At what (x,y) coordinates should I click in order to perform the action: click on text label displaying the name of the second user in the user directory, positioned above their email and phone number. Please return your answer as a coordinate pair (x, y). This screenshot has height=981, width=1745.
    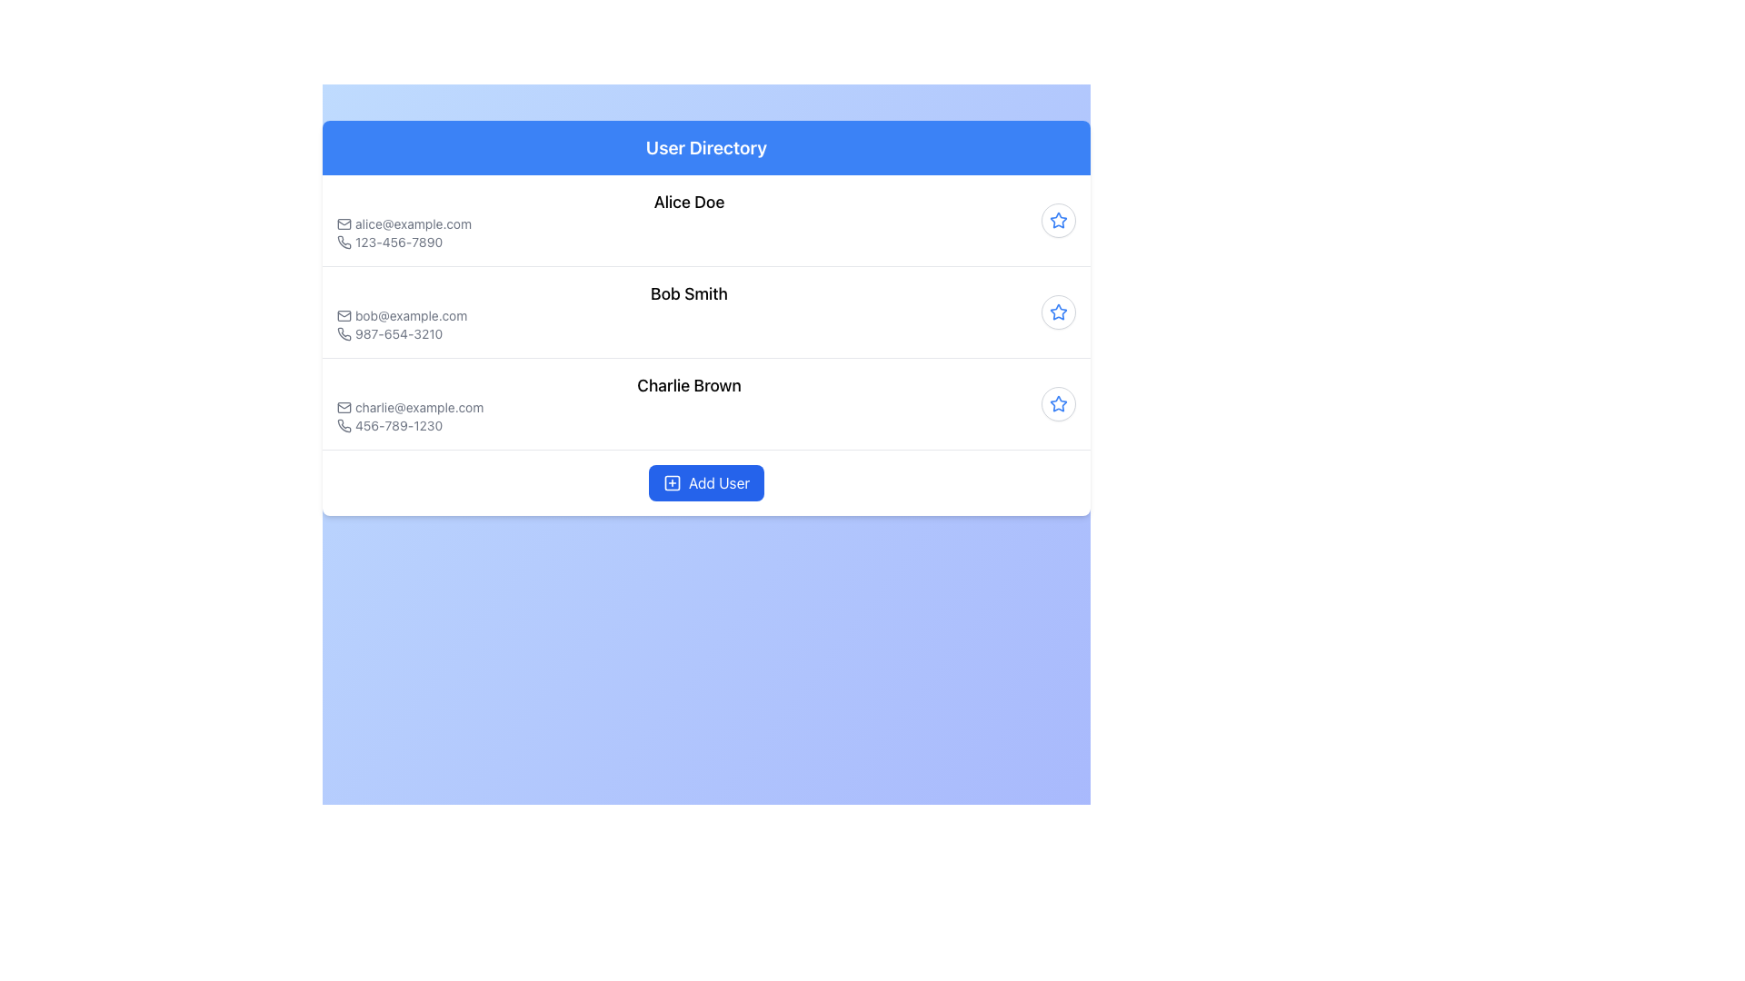
    Looking at the image, I should click on (688, 293).